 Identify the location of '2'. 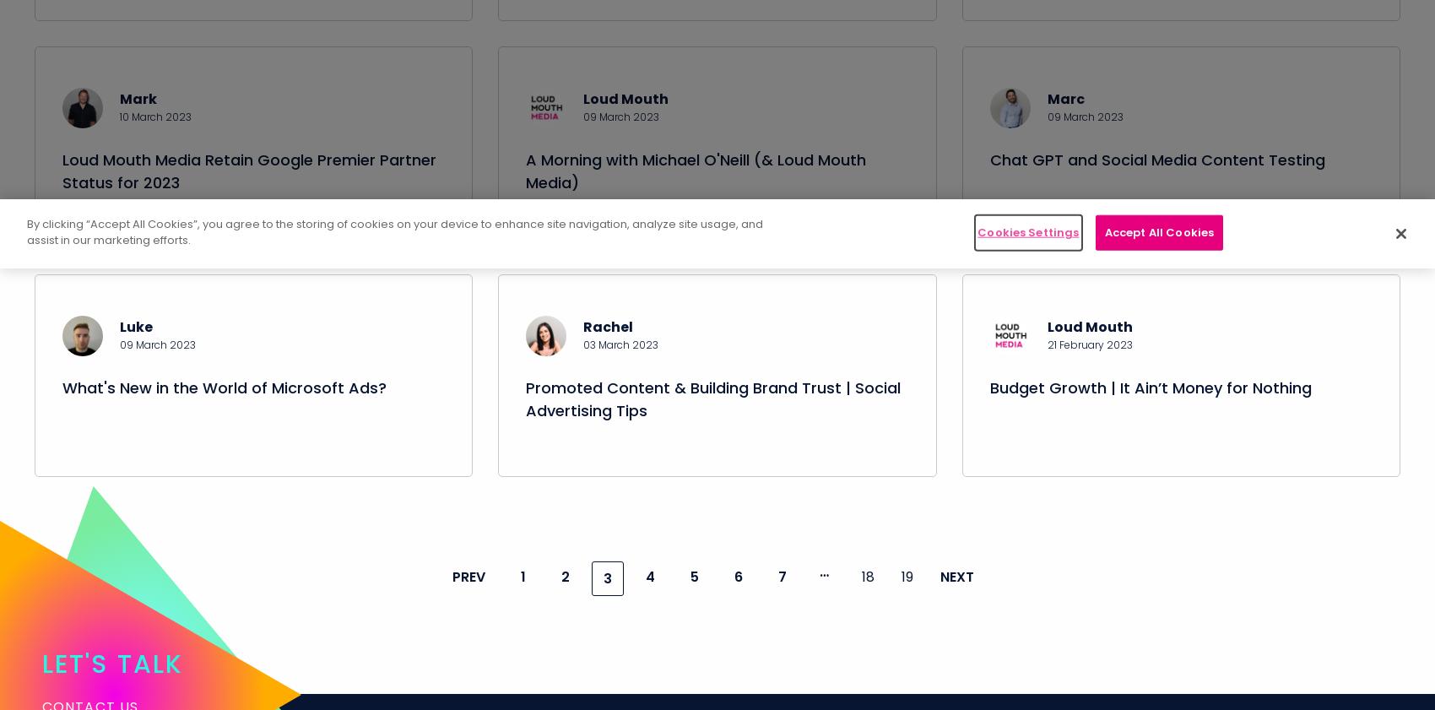
(565, 596).